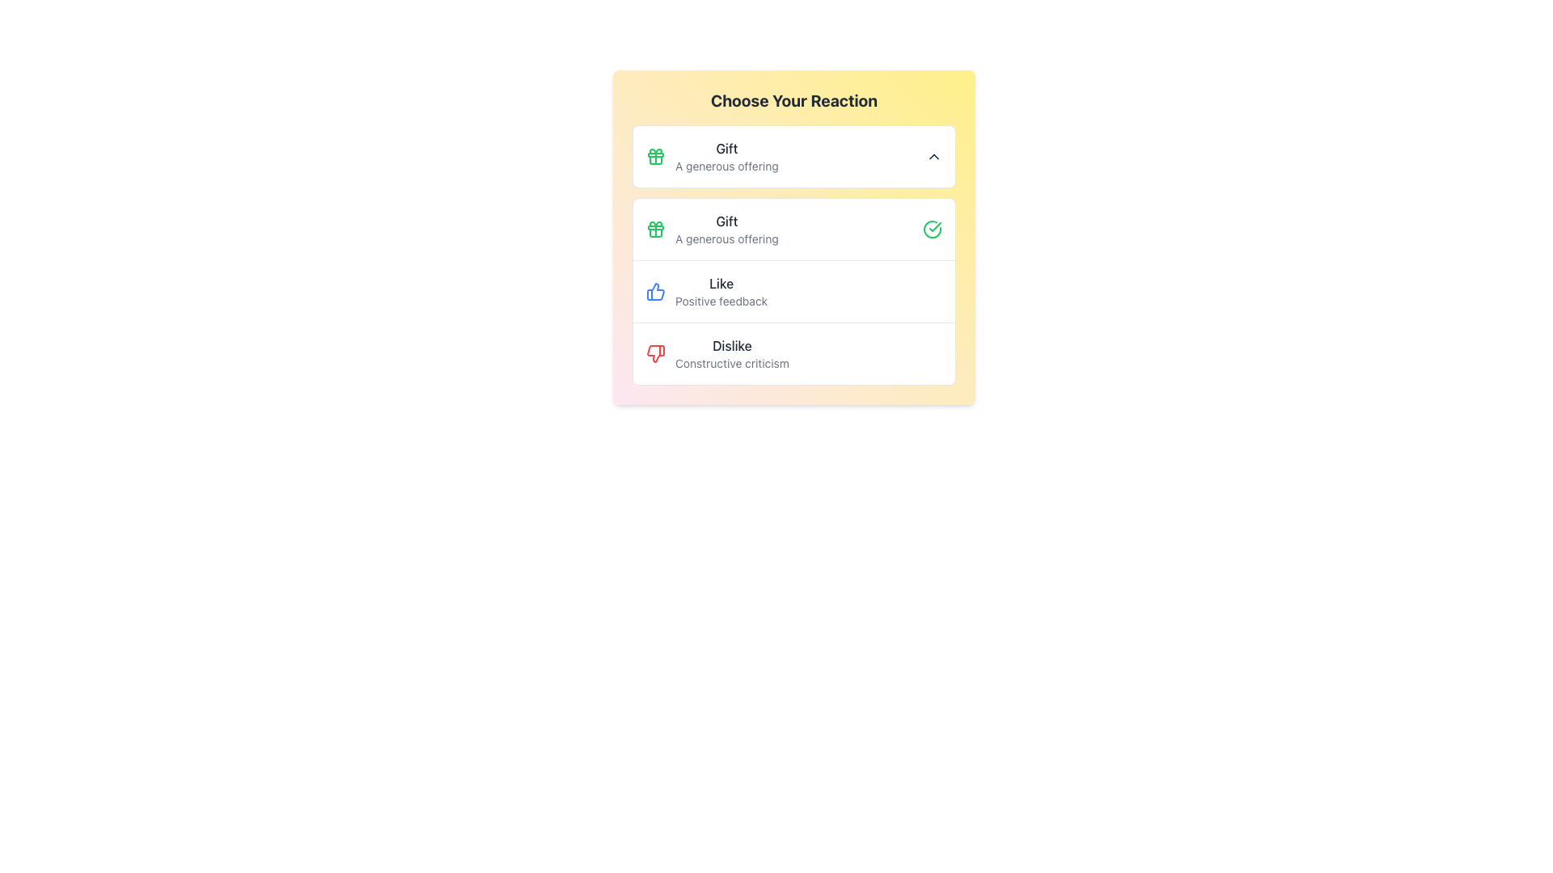 This screenshot has height=873, width=1553. I want to click on the first selectable option in the dropdown list labeled 'Choose Your Reaction', so click(794, 156).